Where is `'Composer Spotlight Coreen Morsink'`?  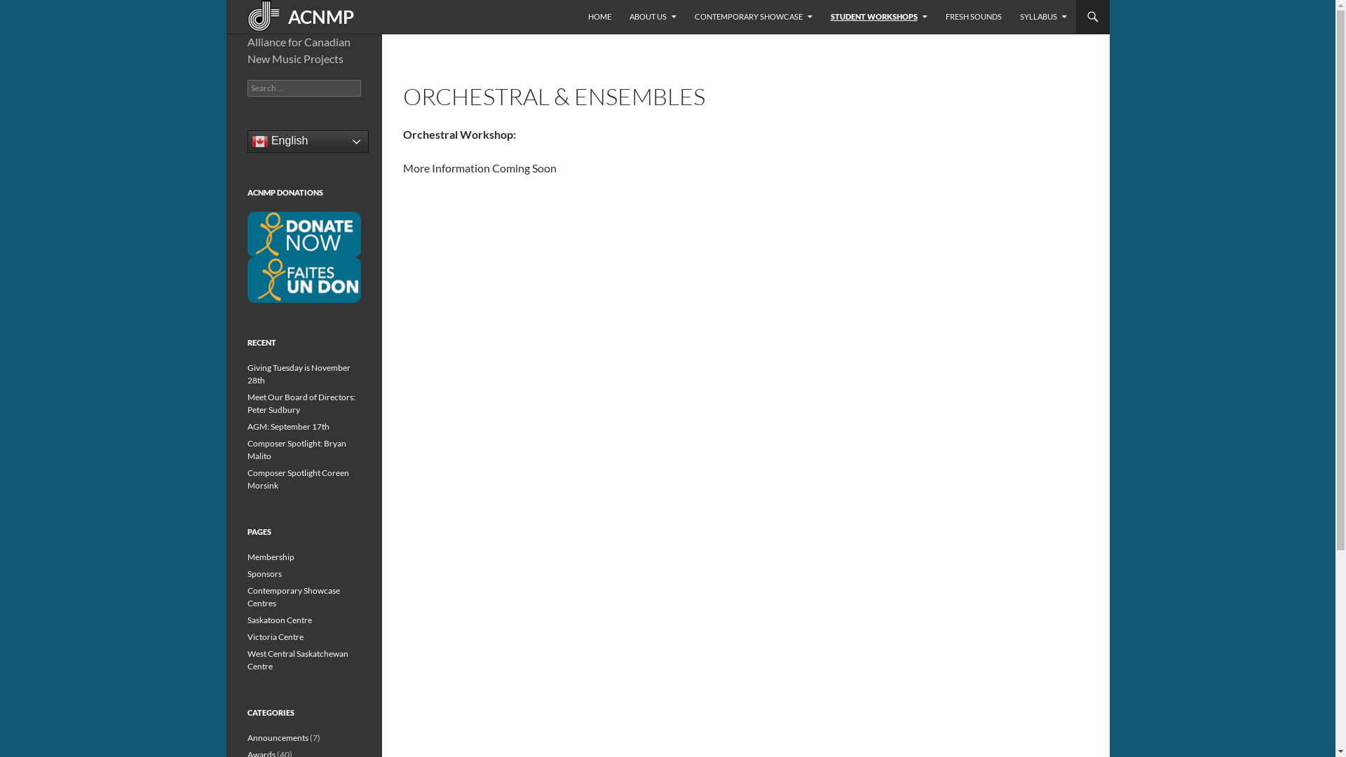
'Composer Spotlight Coreen Morsink' is located at coordinates (297, 478).